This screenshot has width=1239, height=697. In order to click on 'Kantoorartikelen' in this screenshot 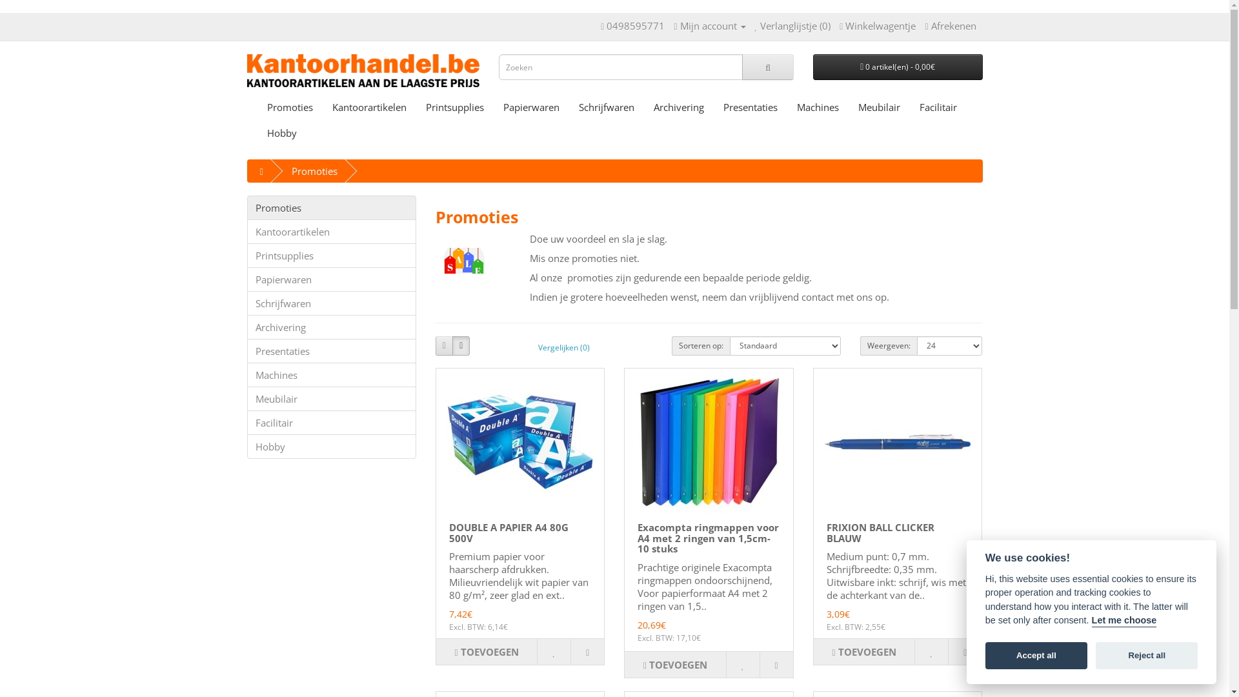, I will do `click(368, 106)`.